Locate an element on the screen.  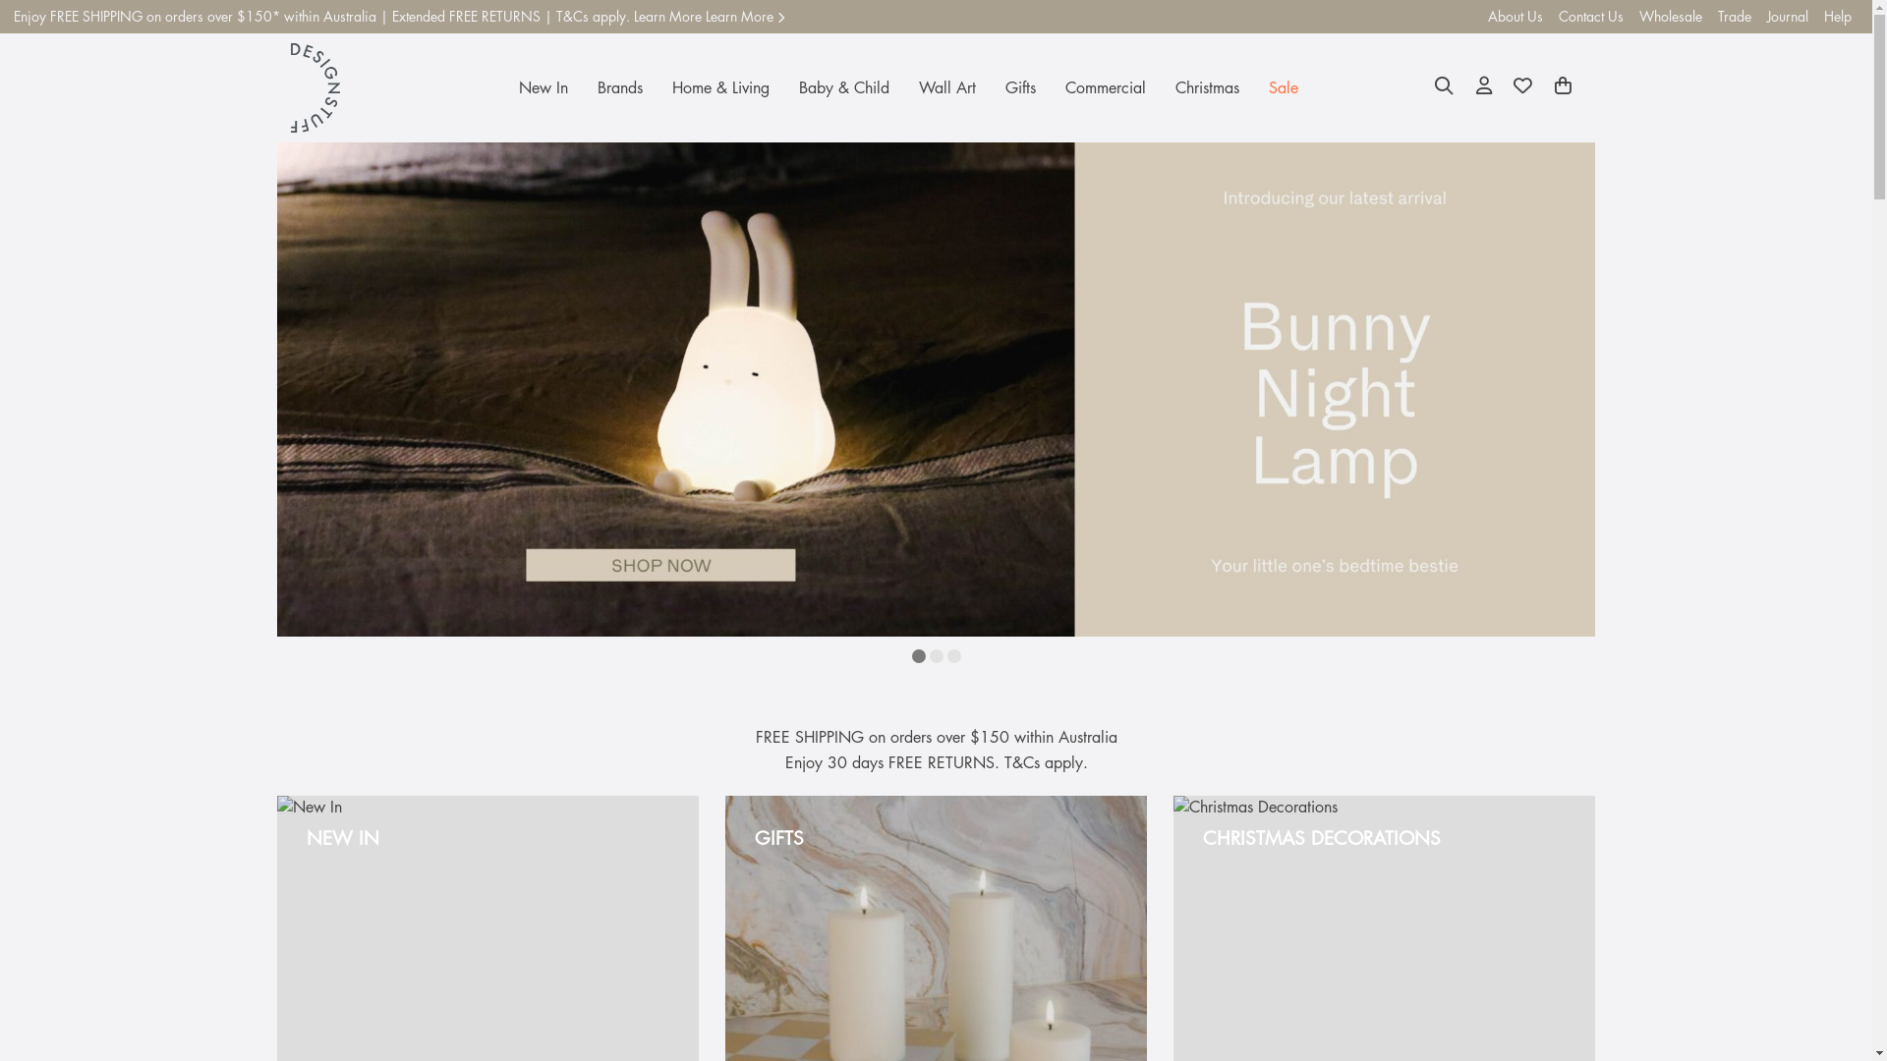
'Home & Living' is located at coordinates (657, 86).